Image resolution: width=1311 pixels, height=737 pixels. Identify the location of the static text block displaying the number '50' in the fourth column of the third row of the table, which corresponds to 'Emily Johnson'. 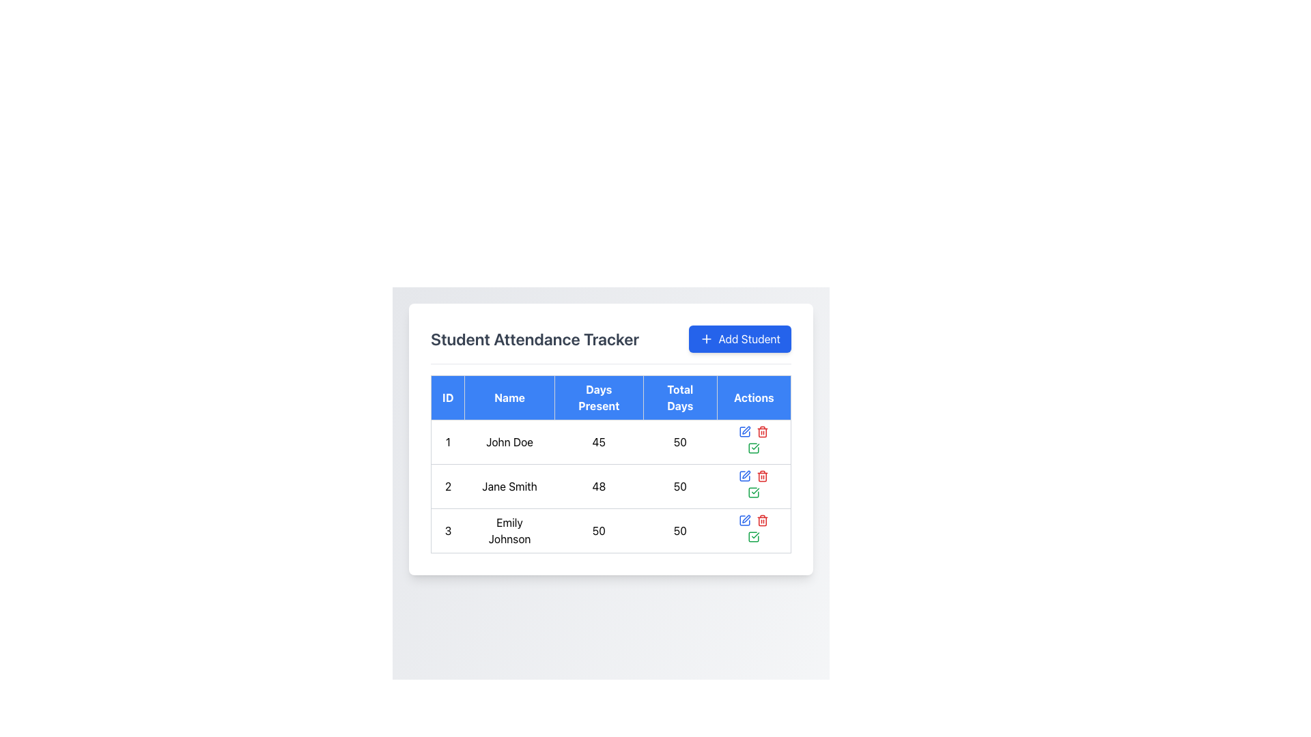
(680, 530).